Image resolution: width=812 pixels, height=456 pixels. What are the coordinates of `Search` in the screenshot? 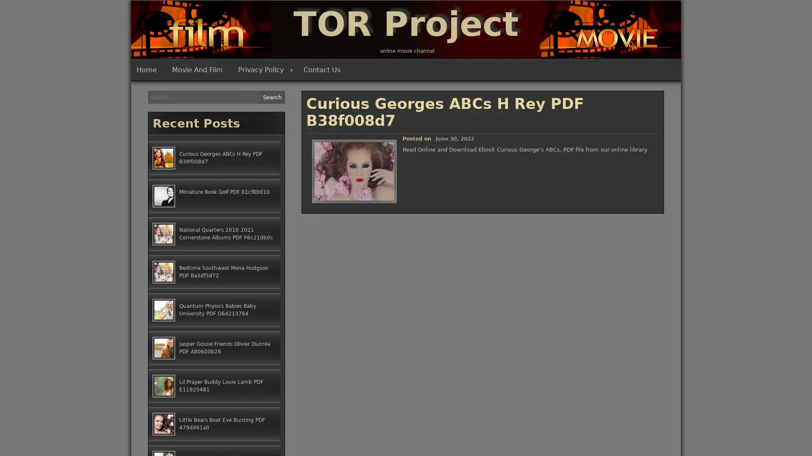 It's located at (272, 97).